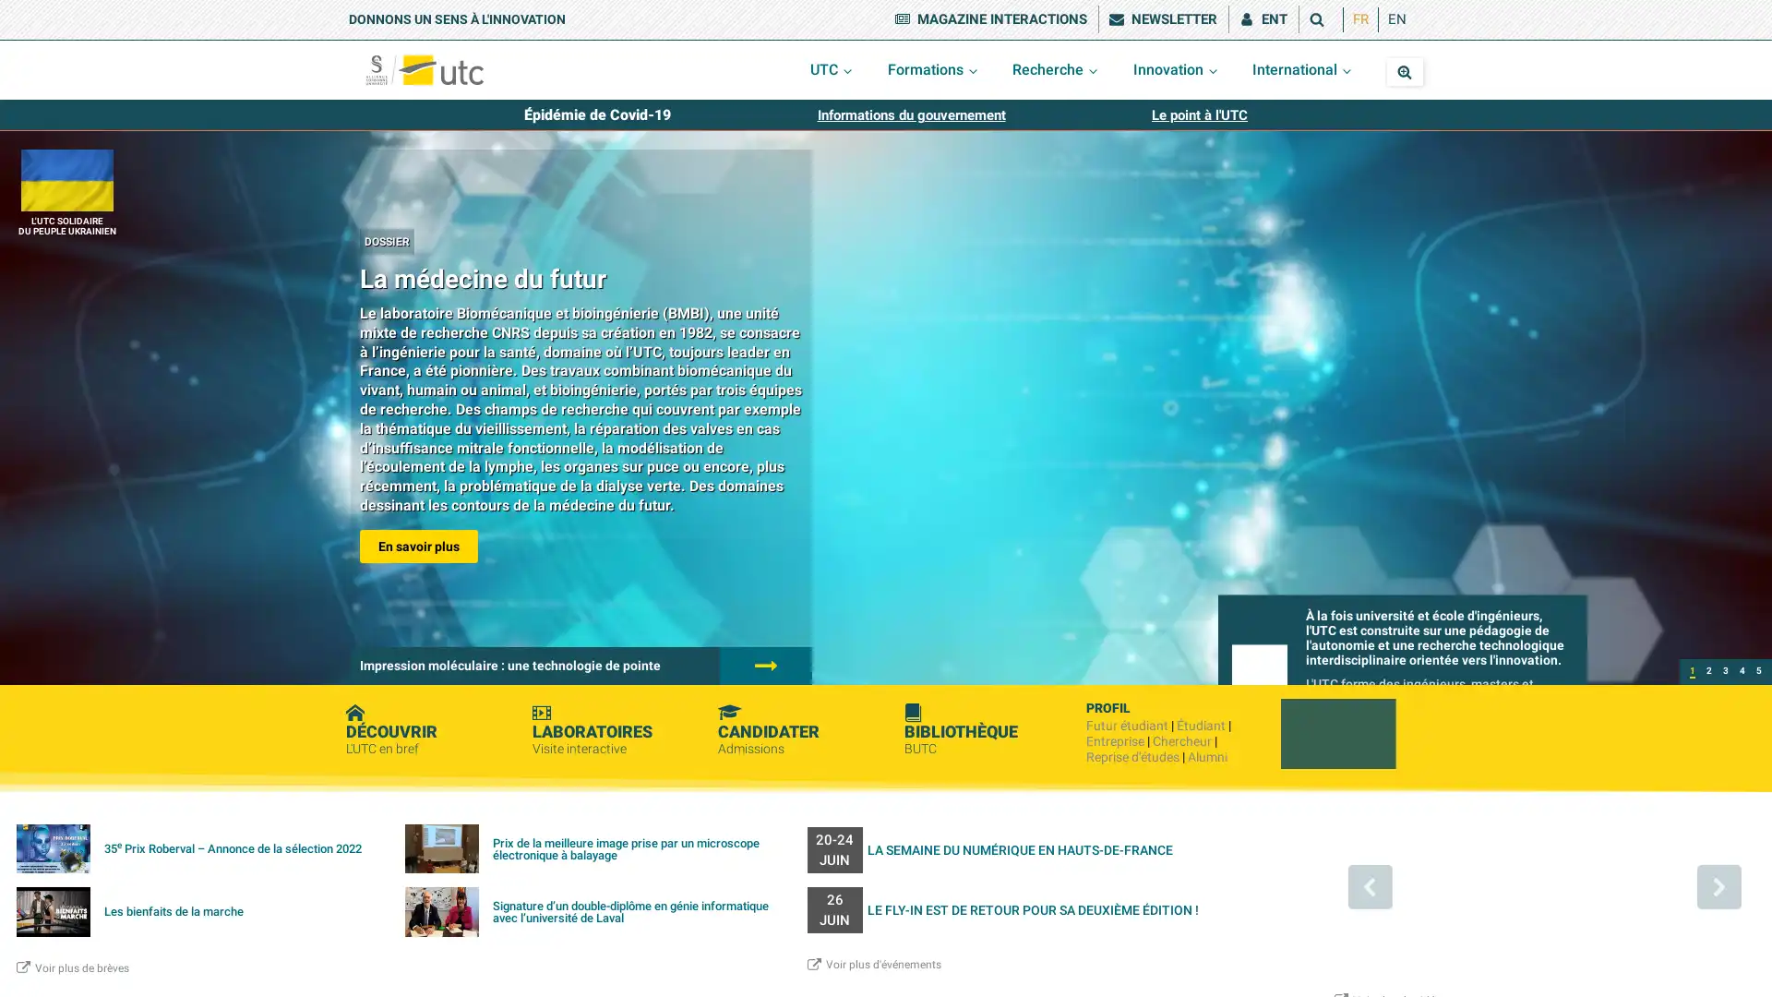  I want to click on Diapositive suivante, so click(1718, 885).